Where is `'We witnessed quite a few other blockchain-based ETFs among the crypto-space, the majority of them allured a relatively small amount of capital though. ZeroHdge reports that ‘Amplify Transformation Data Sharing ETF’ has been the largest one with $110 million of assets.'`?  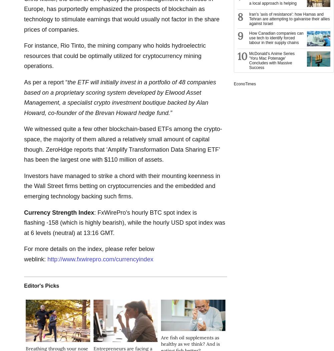
'We witnessed quite a few other blockchain-based ETFs among the crypto-space, the majority of them allured a relatively small amount of capital though. ZeroHdge reports that ‘Amplify Transformation Data Sharing ETF’ has been the largest one with $110 million of assets.' is located at coordinates (123, 144).